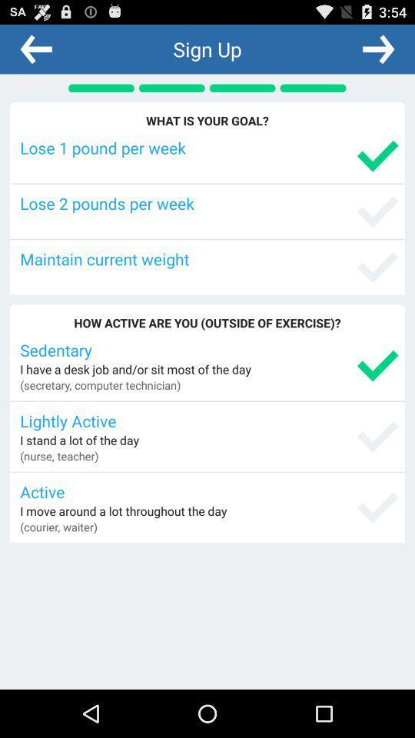  What do you see at coordinates (377, 48) in the screenshot?
I see `the app to the right of the sign up` at bounding box center [377, 48].